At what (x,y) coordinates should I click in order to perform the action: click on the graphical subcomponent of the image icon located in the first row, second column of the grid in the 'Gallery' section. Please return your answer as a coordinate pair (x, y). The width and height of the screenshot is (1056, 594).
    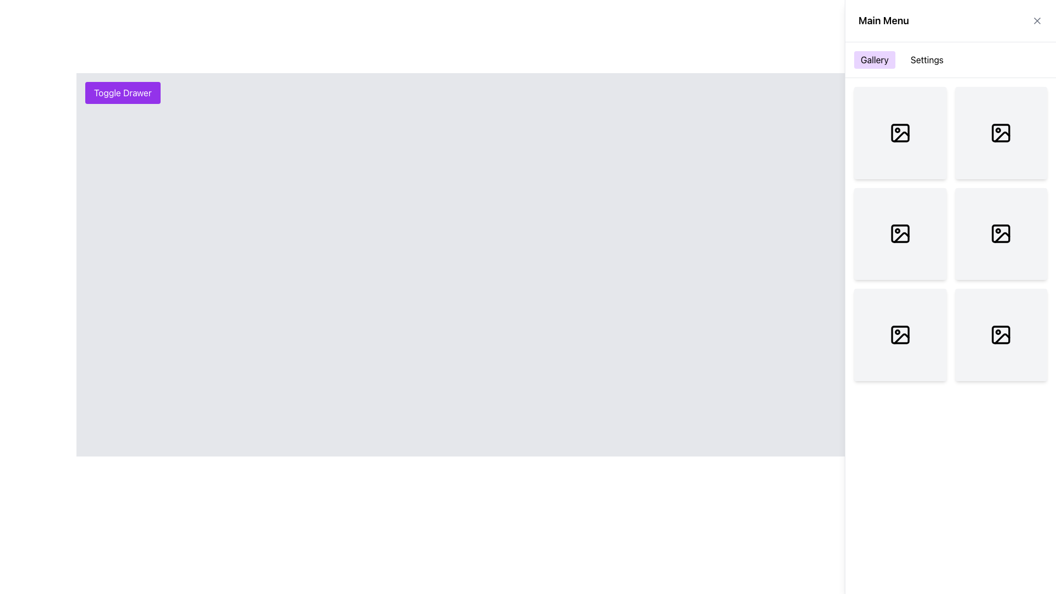
    Looking at the image, I should click on (900, 132).